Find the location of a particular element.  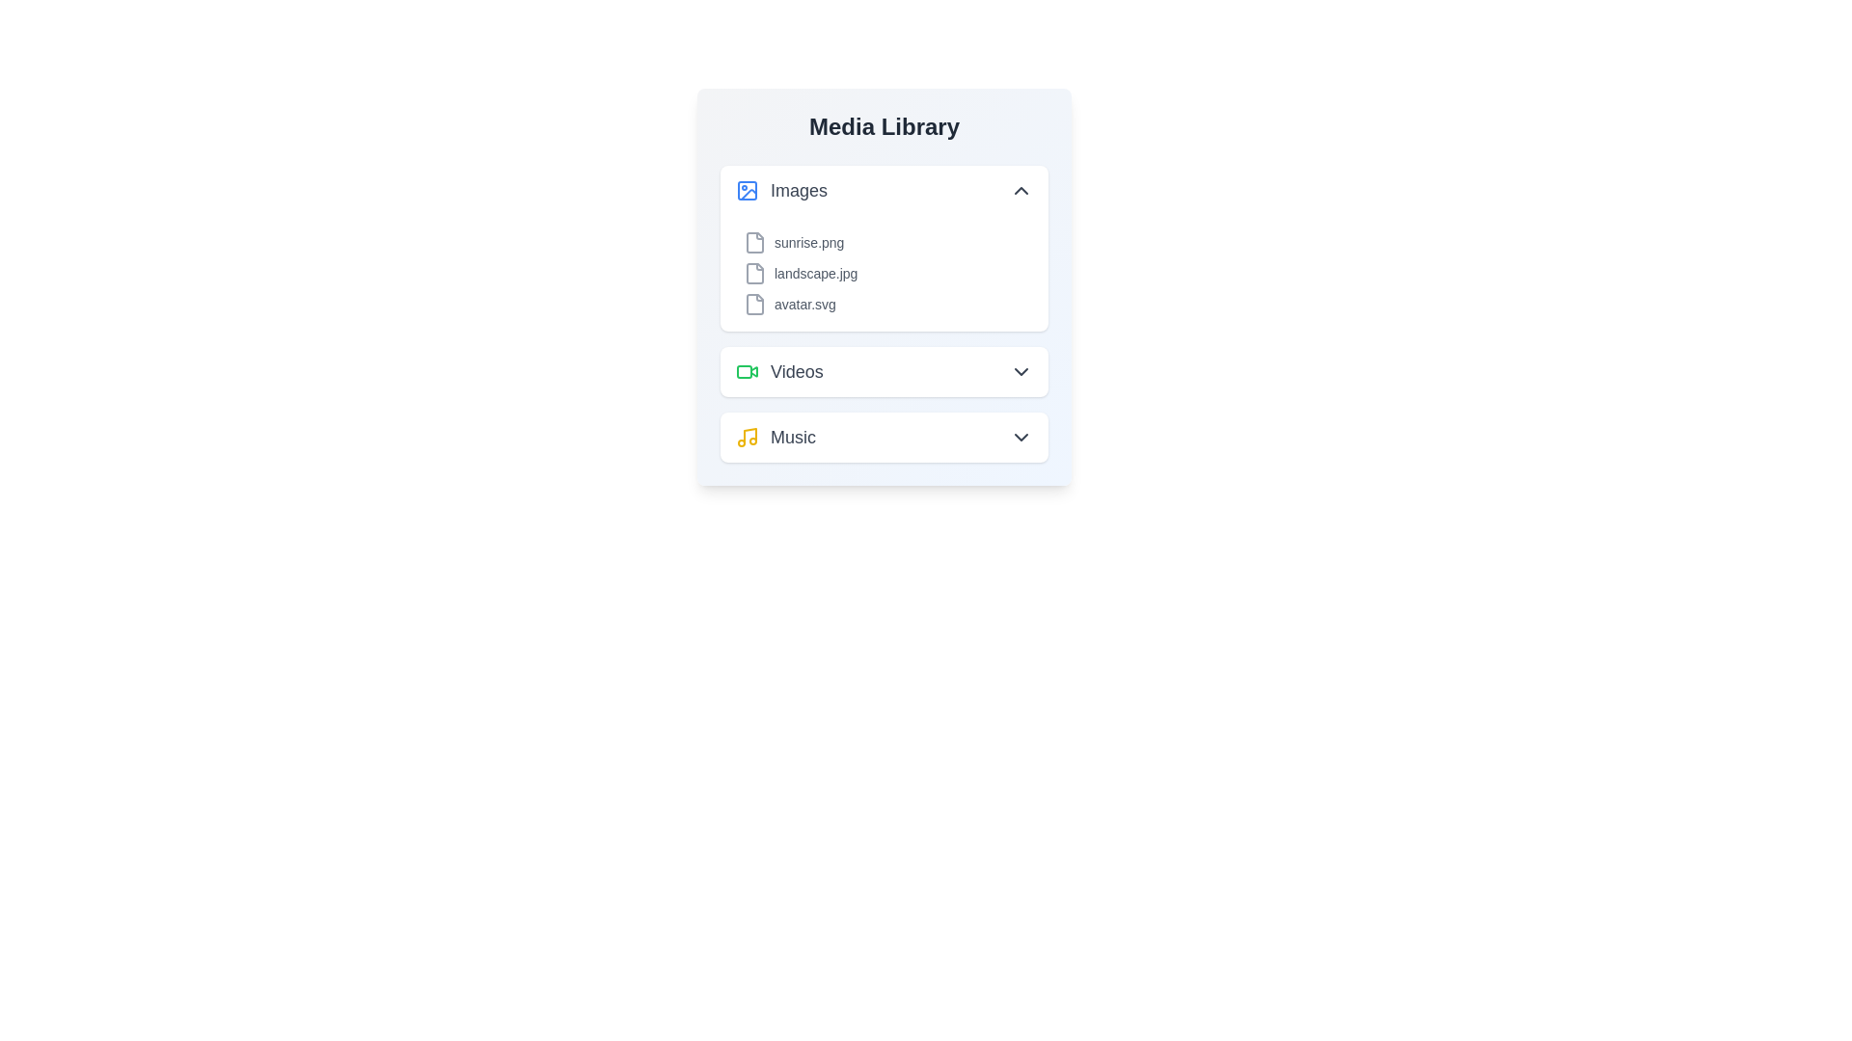

the 'Images' label with the picture frame icon in the 'Media Library' panel, which is styled in bold and located near the top of the section is located at coordinates (781, 190).